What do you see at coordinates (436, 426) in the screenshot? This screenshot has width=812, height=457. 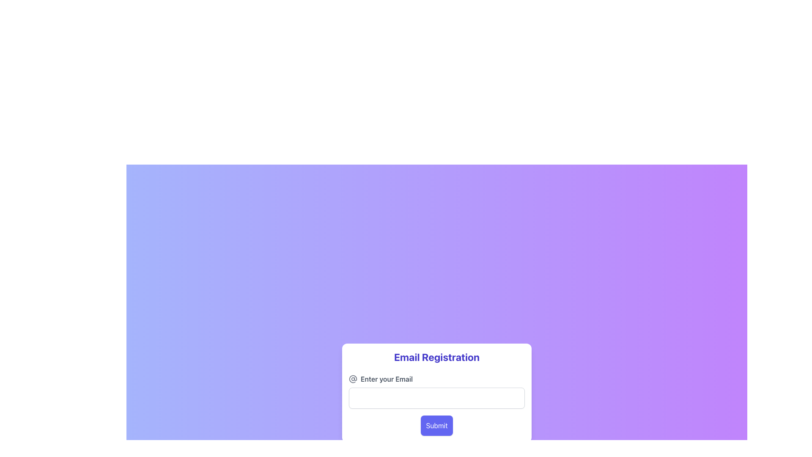 I see `the submit button located below the 'Enter your Email' text input field` at bounding box center [436, 426].